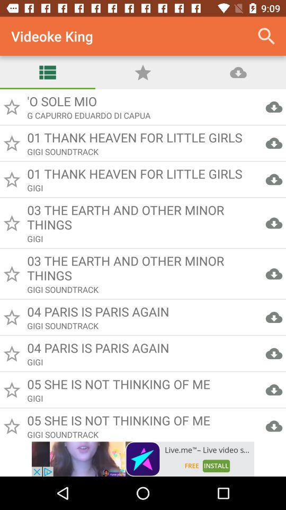  I want to click on the fifth download button, so click(274, 273).